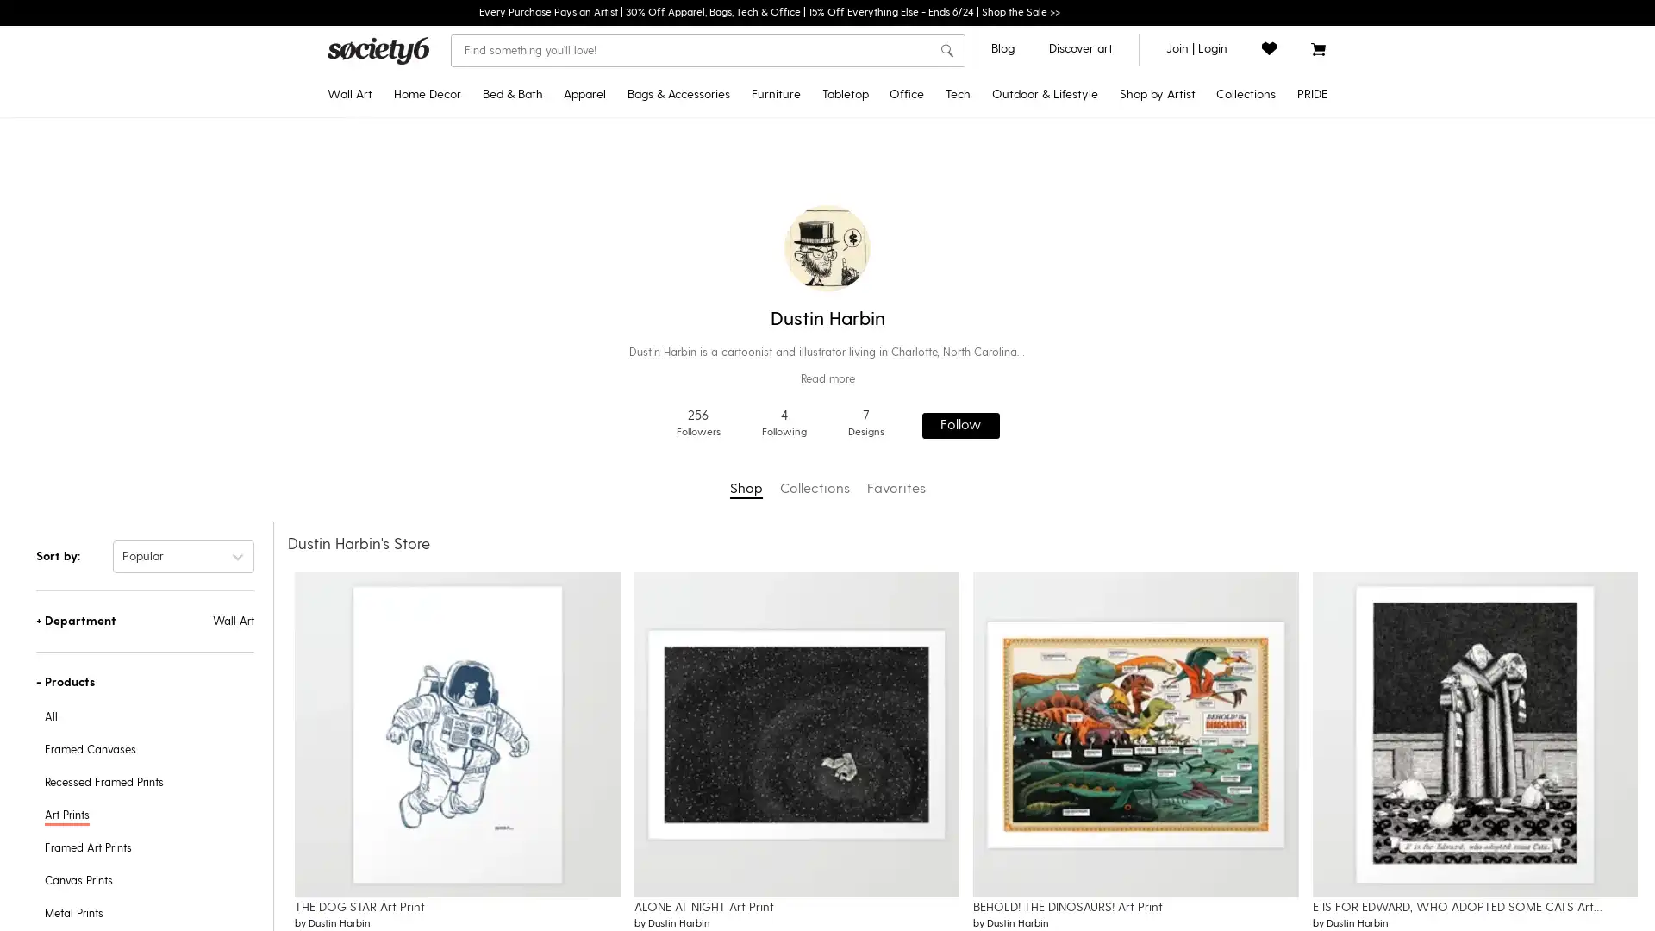  What do you see at coordinates (1182, 499) in the screenshot?
I see `All Collections` at bounding box center [1182, 499].